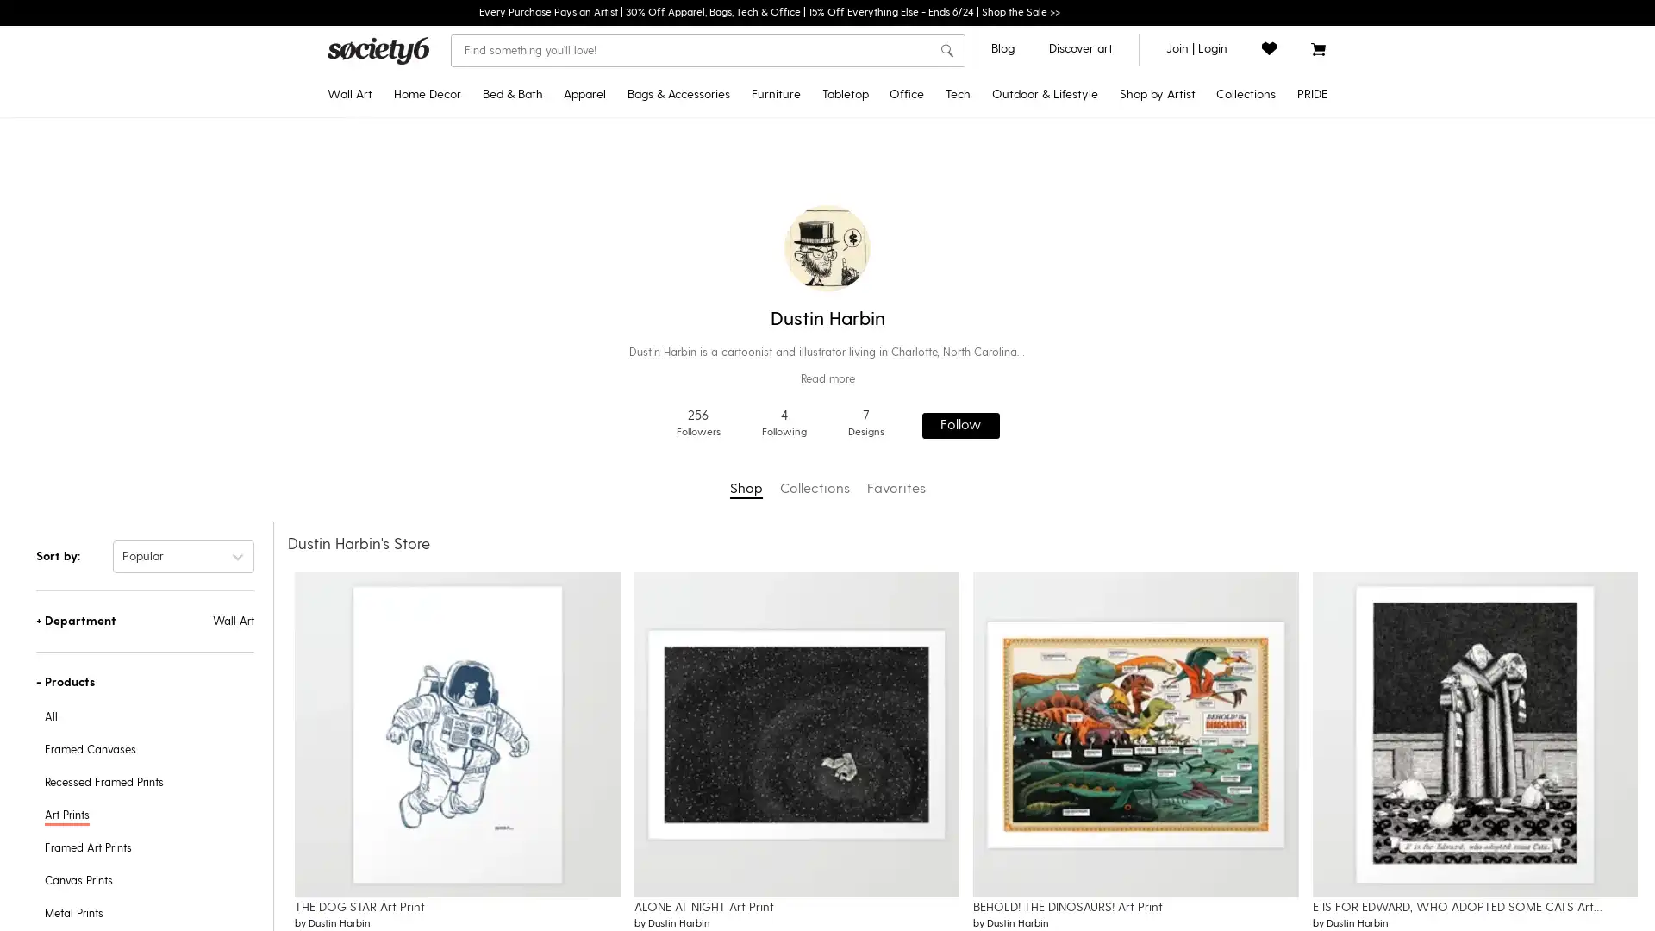  What do you see at coordinates (1182, 499) in the screenshot?
I see `All Collections` at bounding box center [1182, 499].